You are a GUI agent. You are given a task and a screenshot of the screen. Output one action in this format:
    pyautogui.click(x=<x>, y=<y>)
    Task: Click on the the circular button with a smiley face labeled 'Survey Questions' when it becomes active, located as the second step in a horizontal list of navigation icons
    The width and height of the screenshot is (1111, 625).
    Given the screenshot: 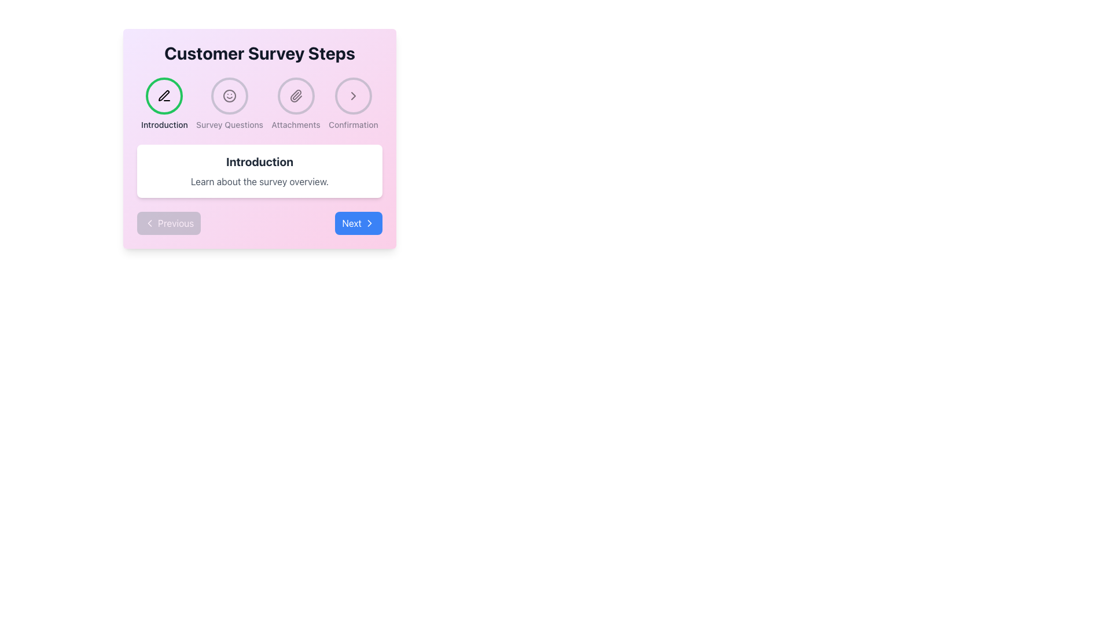 What is the action you would take?
    pyautogui.click(x=230, y=104)
    